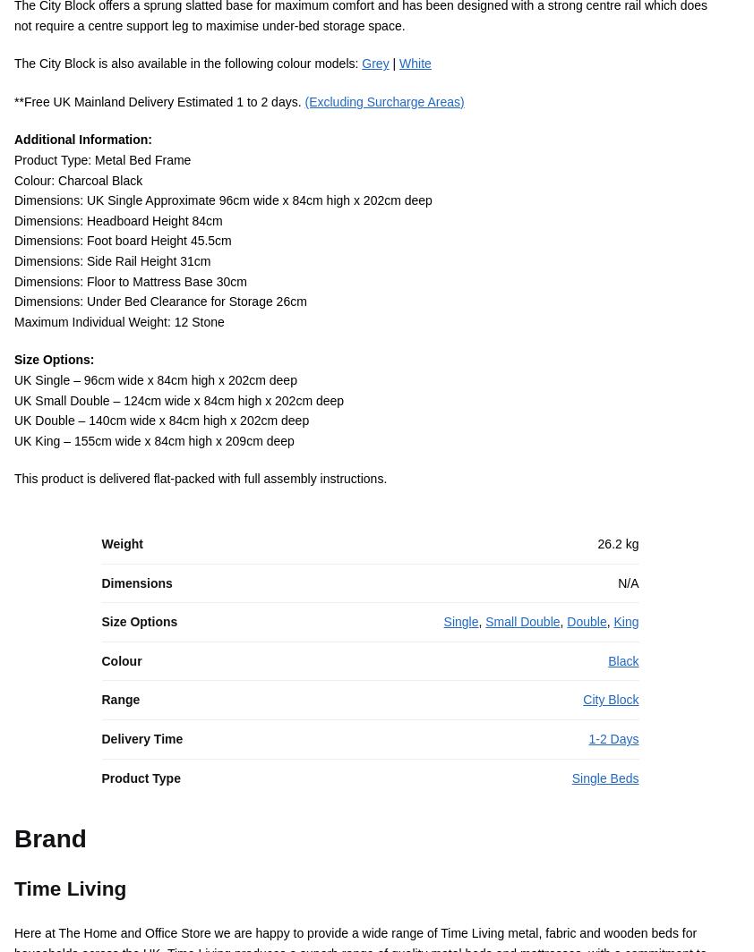 Image resolution: width=754 pixels, height=952 pixels. Describe the element at coordinates (393, 87) in the screenshot. I see `'|'` at that location.